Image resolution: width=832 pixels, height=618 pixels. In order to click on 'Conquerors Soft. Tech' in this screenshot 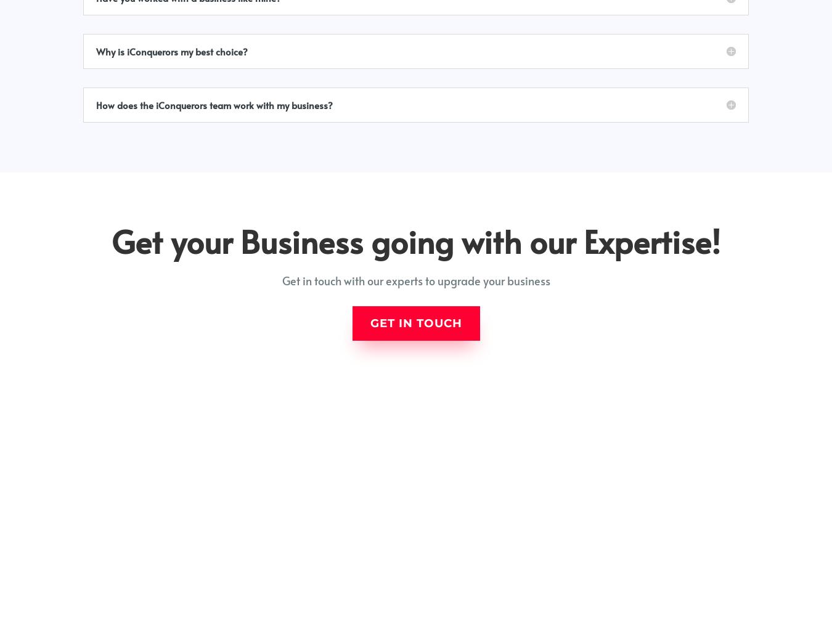, I will do `click(729, 603)`.